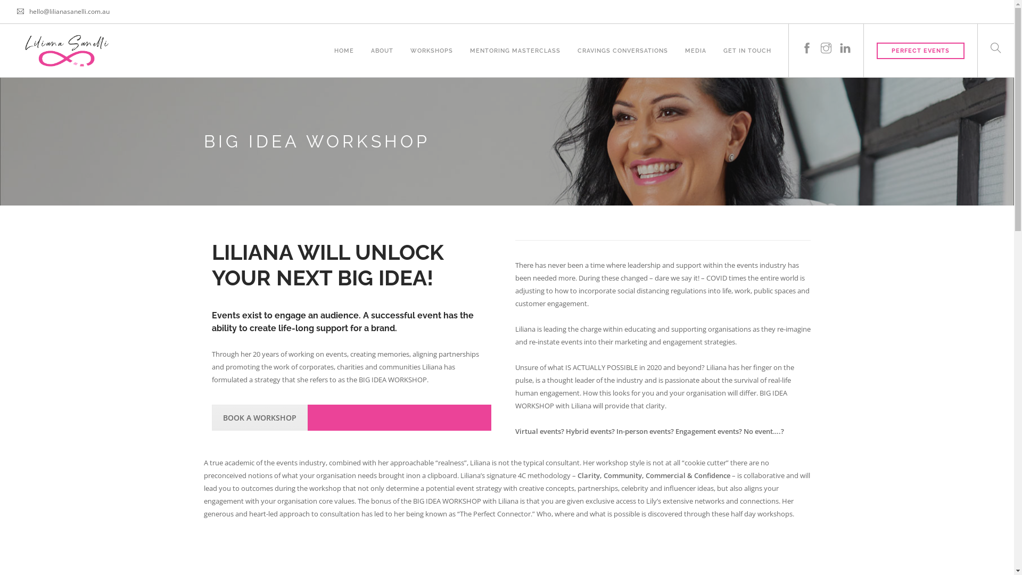 The height and width of the screenshot is (575, 1022). What do you see at coordinates (623, 38) in the screenshot?
I see `'CRAVINGS CONVERSATIONS'` at bounding box center [623, 38].